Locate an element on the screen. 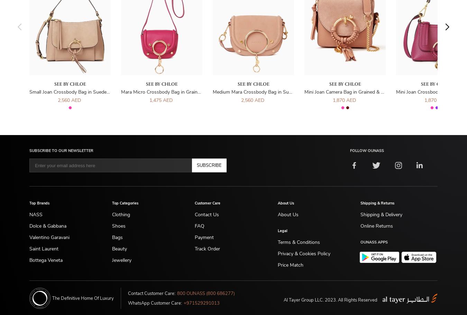 Image resolution: width=467 pixels, height=315 pixels. 'Small Joan Crossbody Bag in Suede & Grained Leather' is located at coordinates (29, 92).